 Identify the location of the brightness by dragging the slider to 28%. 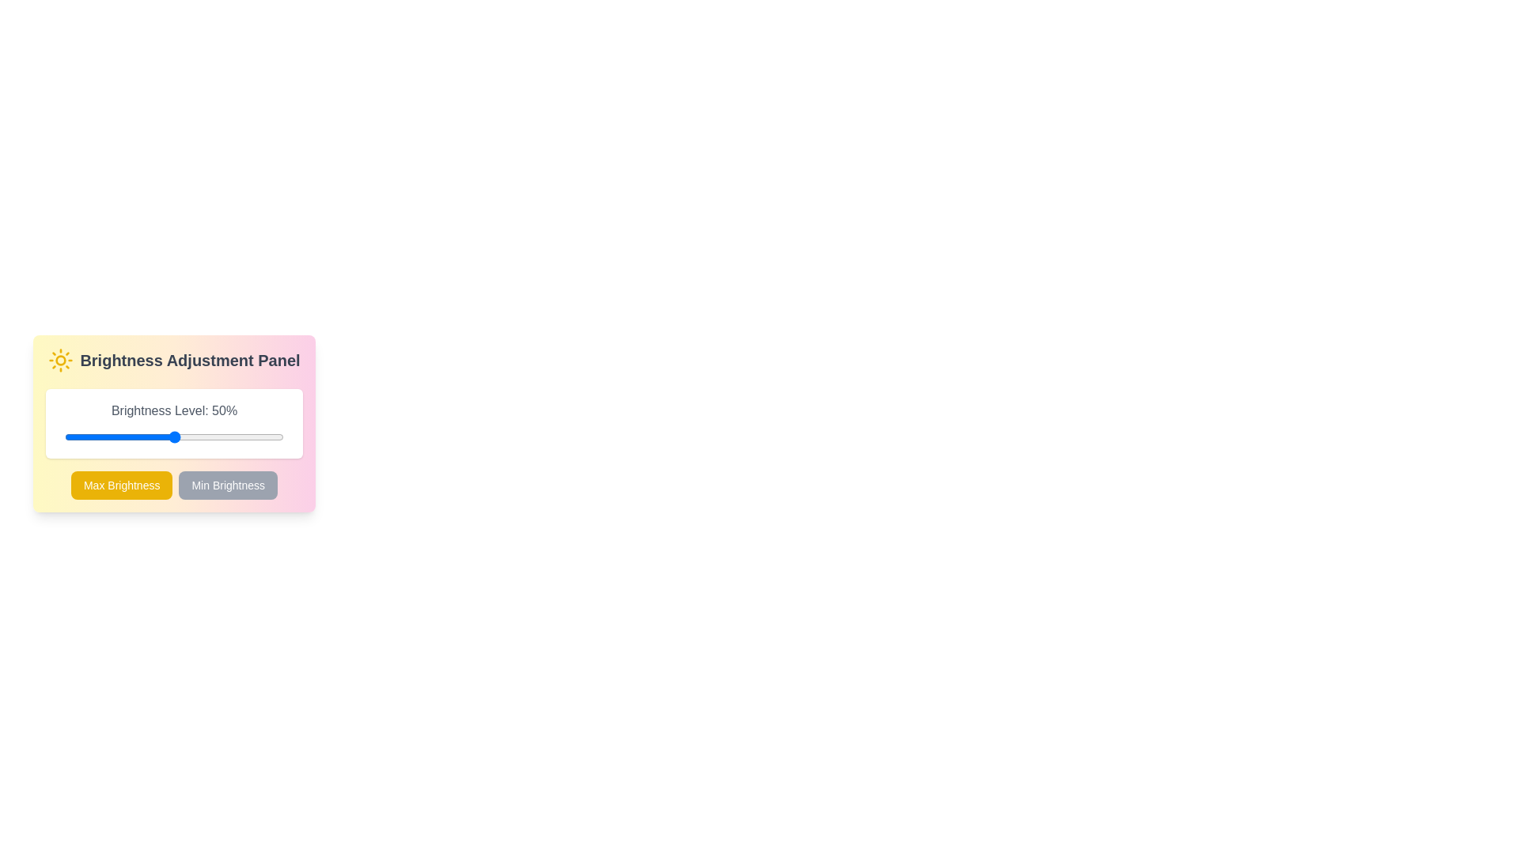
(125, 436).